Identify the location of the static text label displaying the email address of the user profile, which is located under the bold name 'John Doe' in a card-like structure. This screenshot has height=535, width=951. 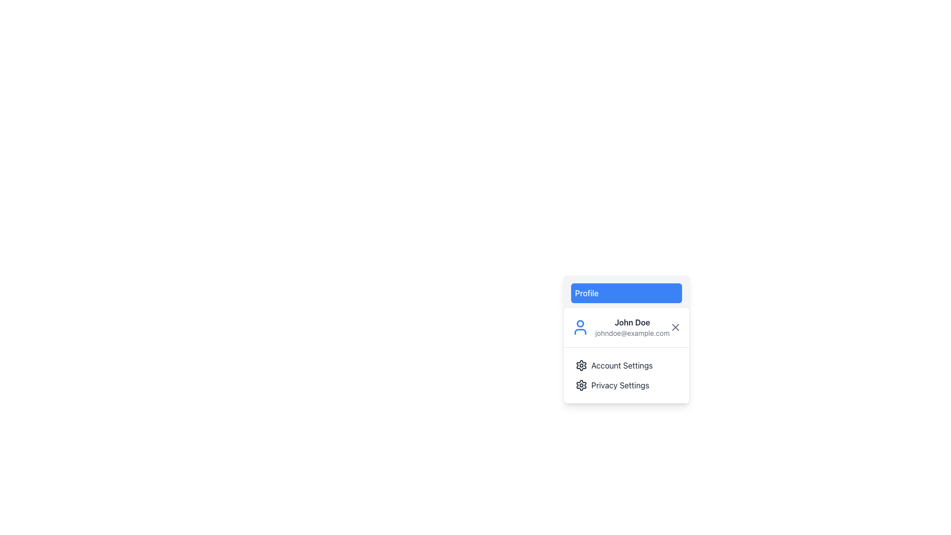
(632, 333).